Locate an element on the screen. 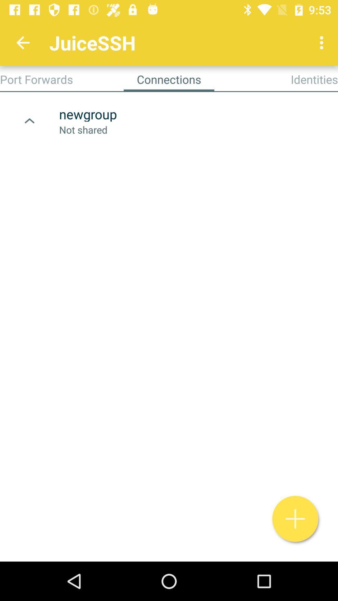  the add icon is located at coordinates (295, 519).